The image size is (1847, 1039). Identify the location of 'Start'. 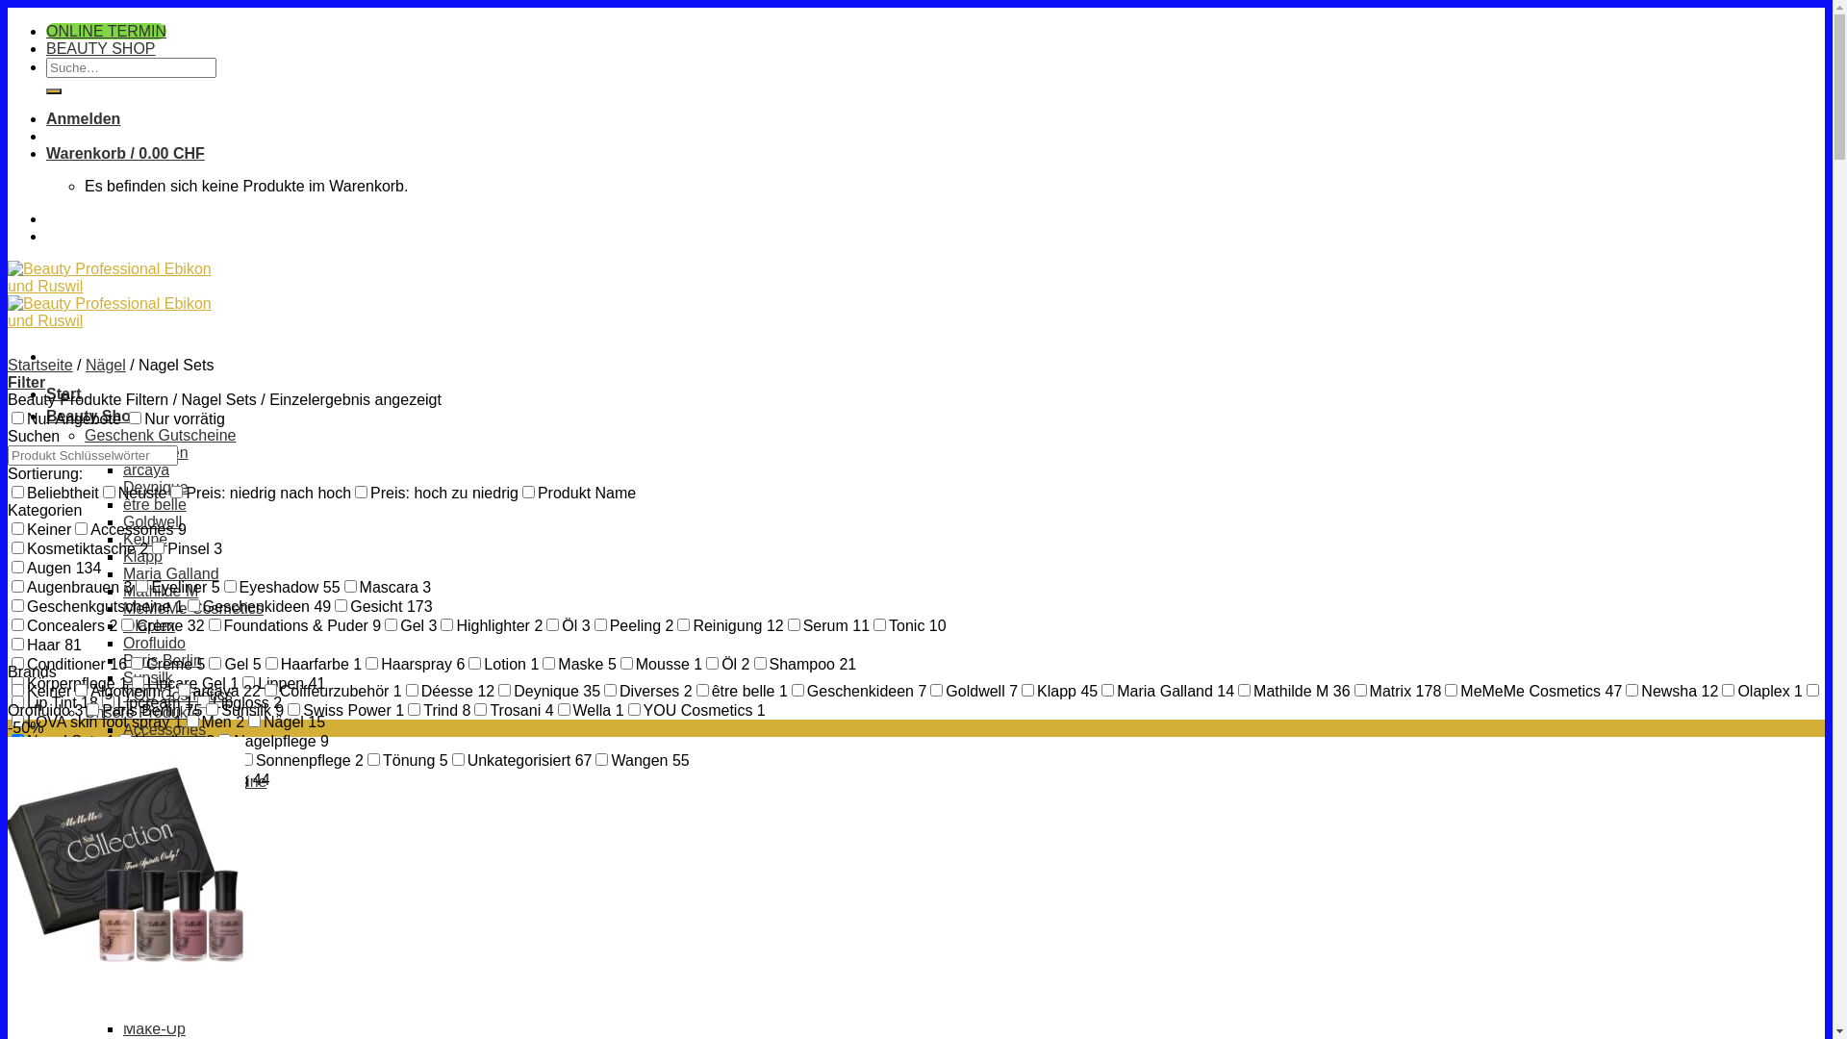
(46, 393).